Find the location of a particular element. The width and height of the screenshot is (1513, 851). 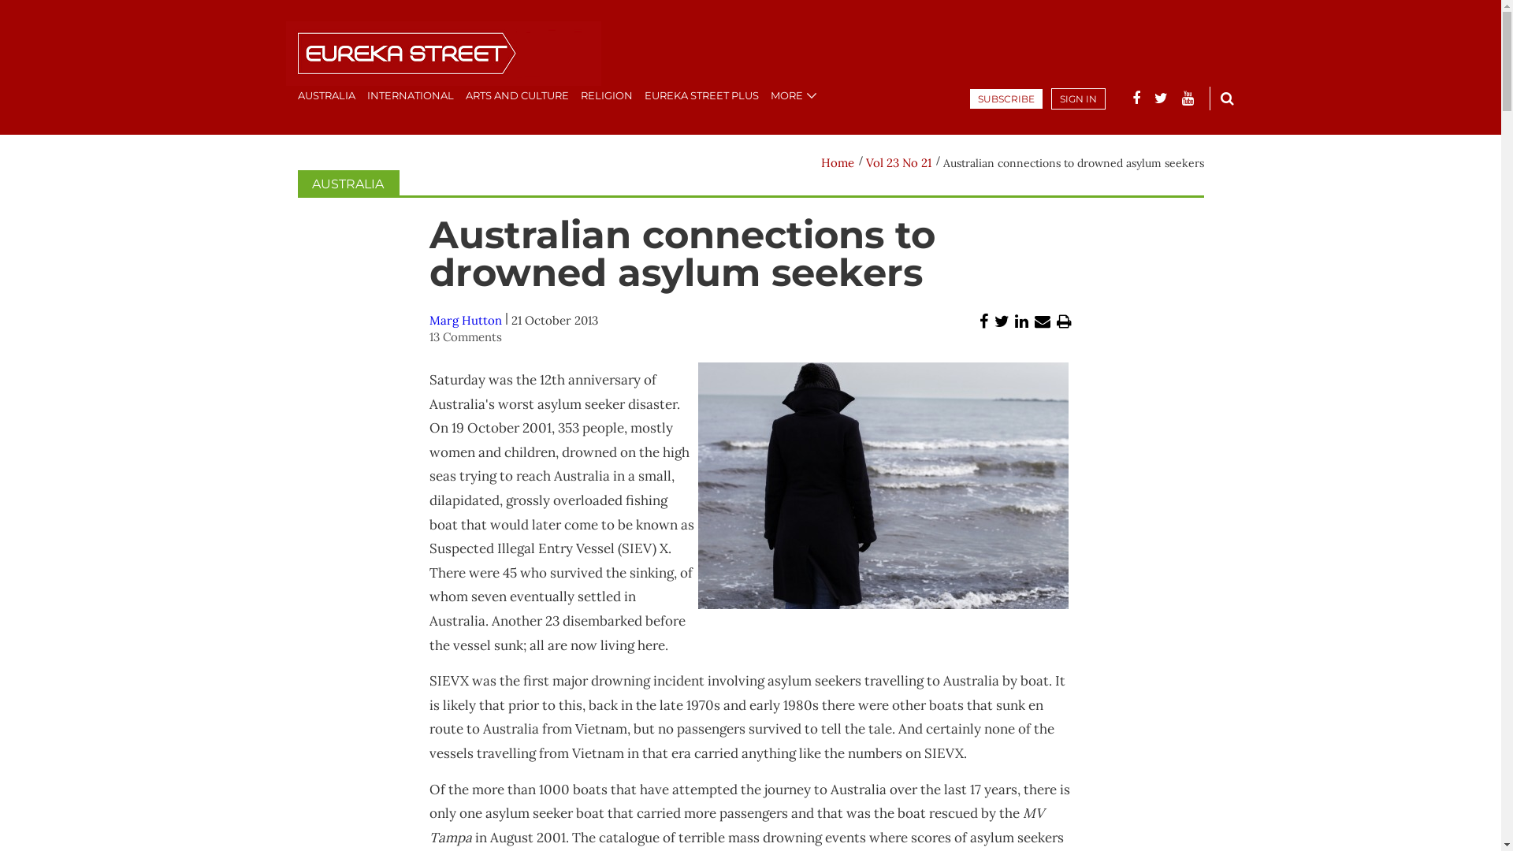

'Facebook' is located at coordinates (983, 321).